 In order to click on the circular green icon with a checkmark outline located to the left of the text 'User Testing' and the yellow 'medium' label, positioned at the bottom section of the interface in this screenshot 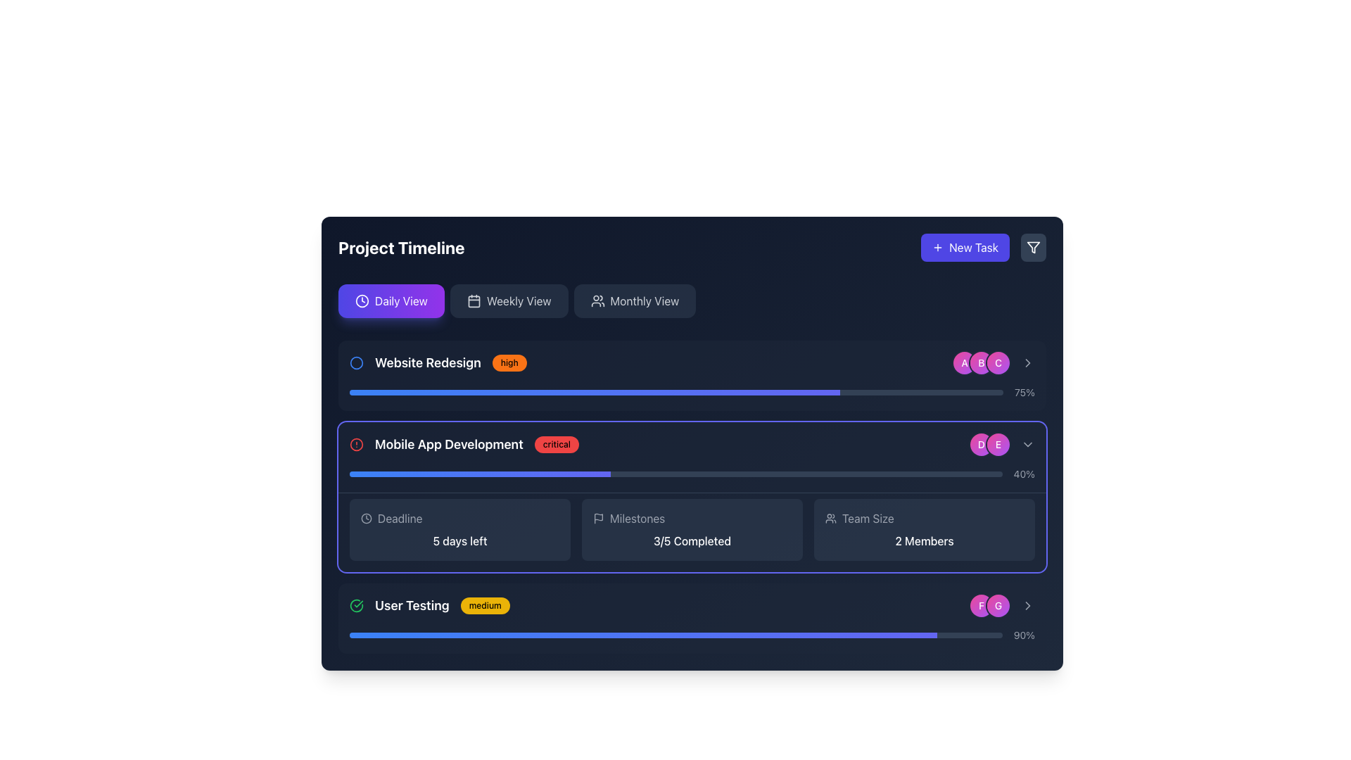, I will do `click(357, 604)`.